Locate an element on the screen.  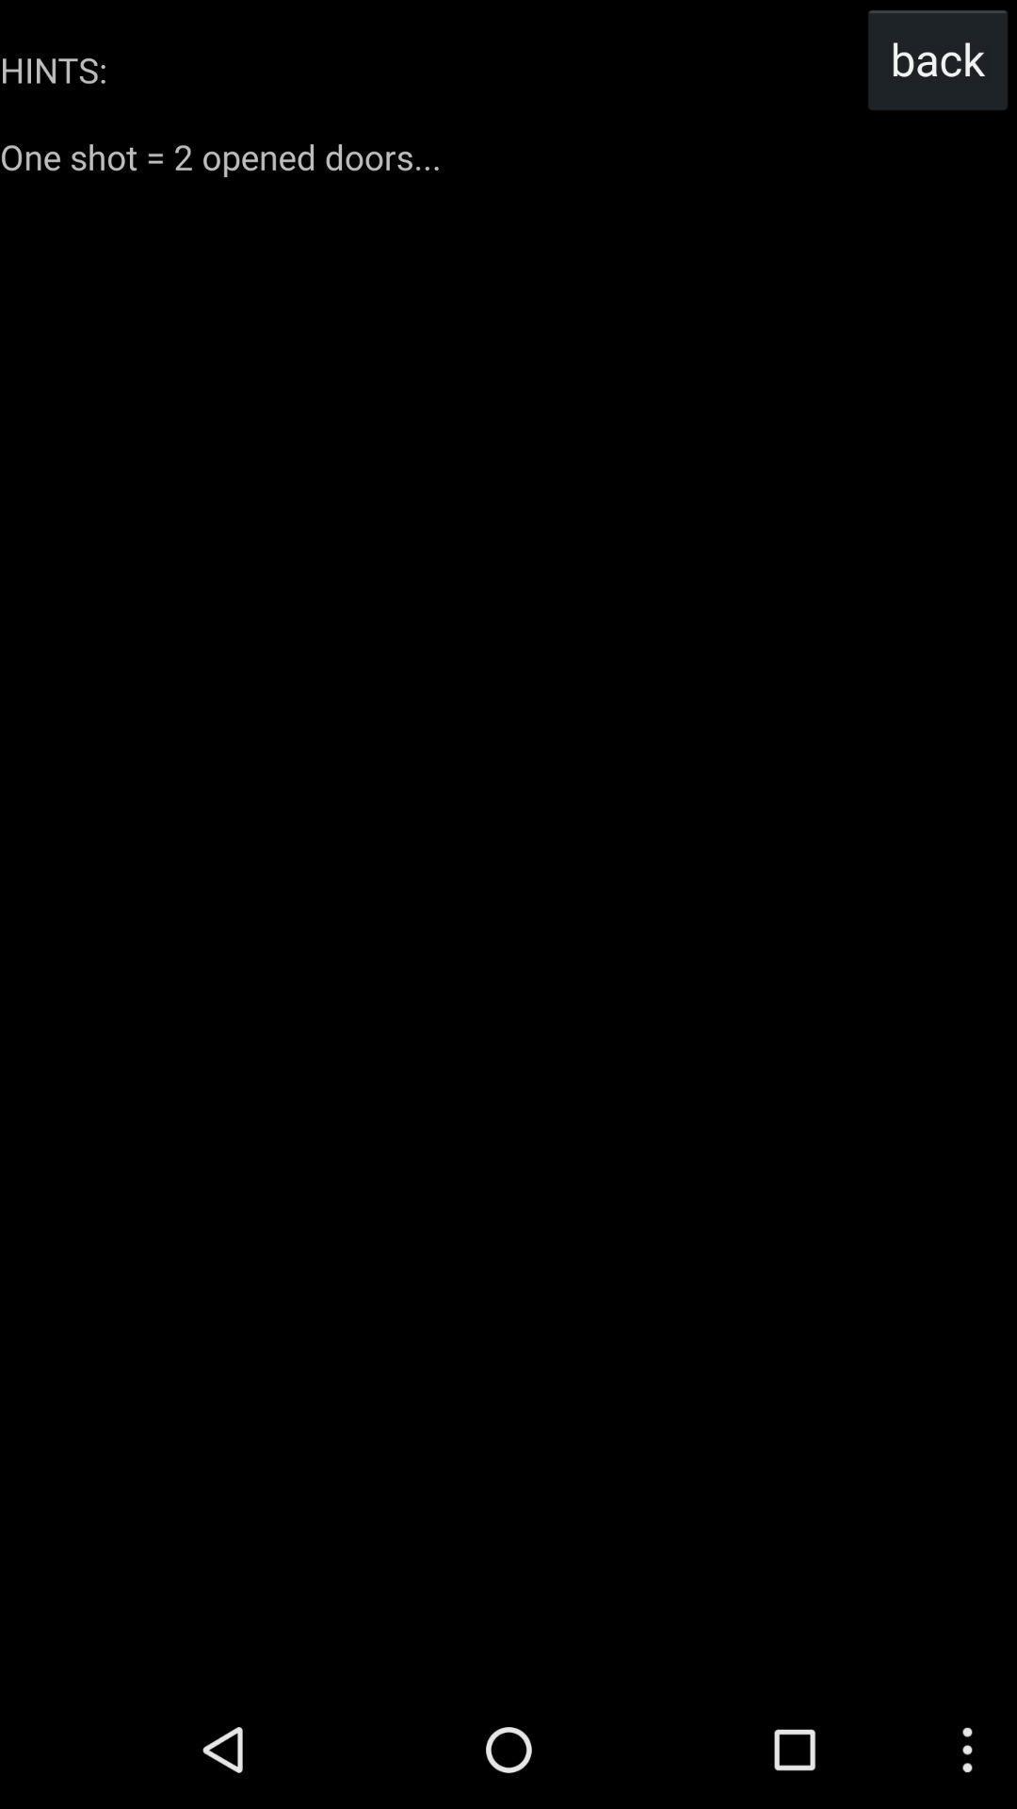
the back button is located at coordinates (937, 58).